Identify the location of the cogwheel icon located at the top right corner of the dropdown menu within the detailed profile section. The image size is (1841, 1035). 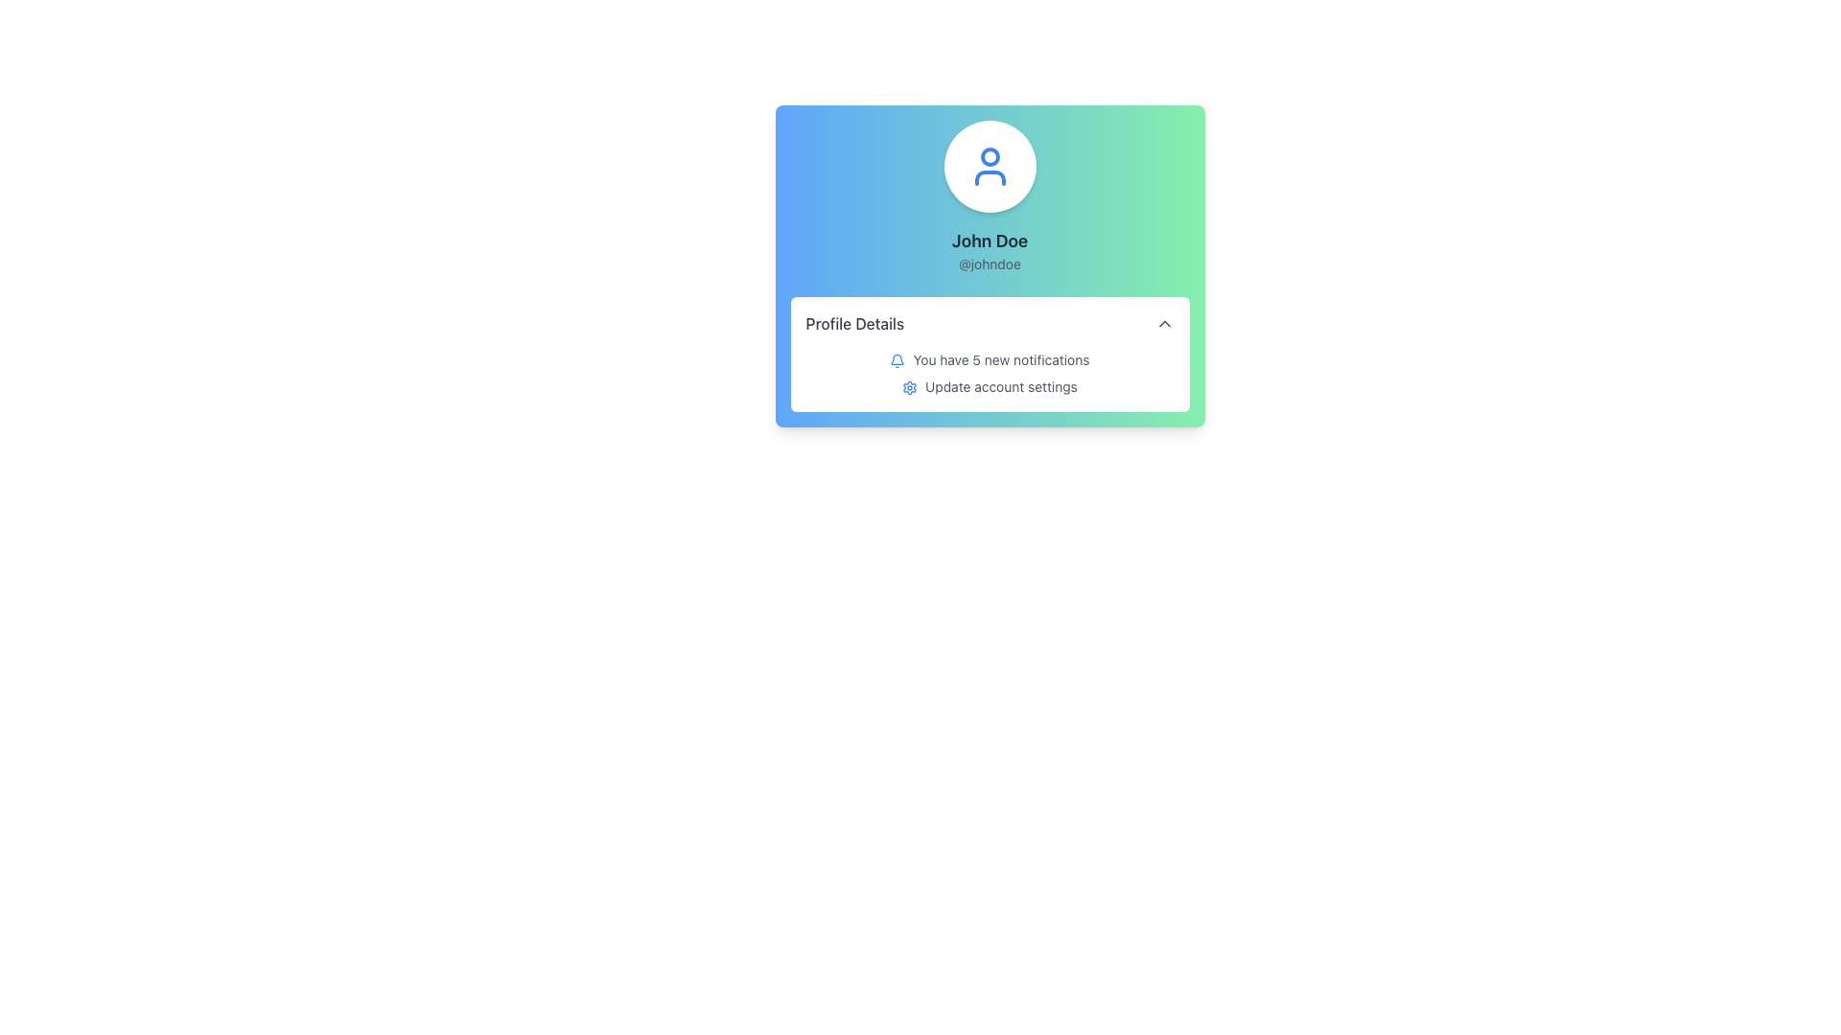
(909, 388).